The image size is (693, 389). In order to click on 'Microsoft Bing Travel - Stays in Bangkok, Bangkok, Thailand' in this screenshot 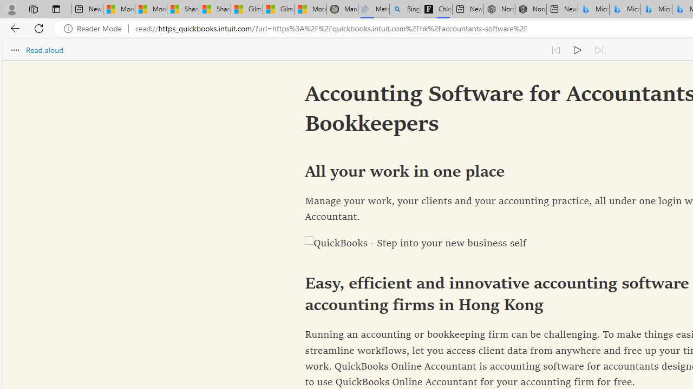, I will do `click(625, 9)`.